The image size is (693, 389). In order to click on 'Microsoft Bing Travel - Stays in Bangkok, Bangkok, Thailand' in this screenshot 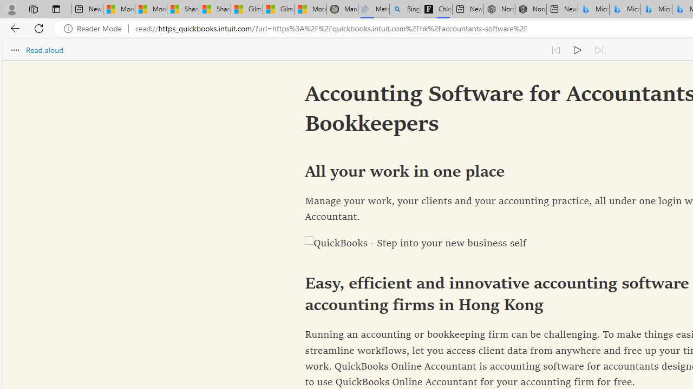, I will do `click(625, 9)`.